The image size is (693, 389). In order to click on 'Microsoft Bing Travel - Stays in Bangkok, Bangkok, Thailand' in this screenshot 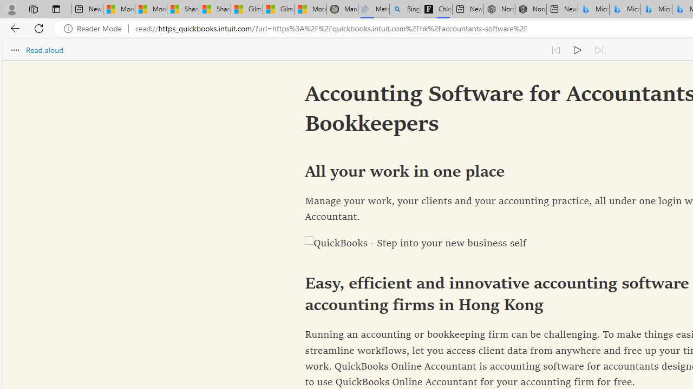, I will do `click(625, 9)`.